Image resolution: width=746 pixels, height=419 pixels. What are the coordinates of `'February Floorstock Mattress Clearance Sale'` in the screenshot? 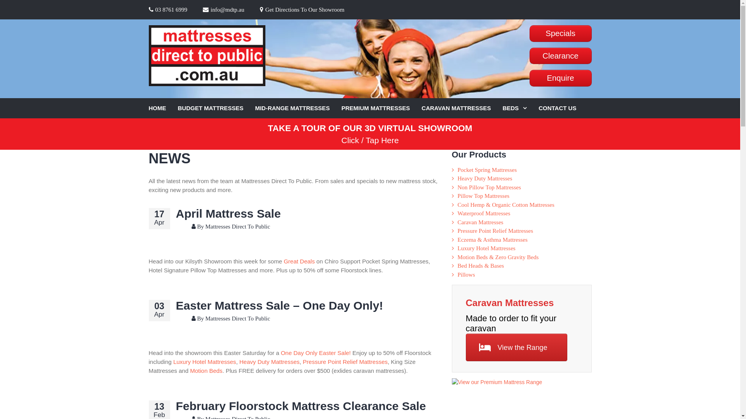 It's located at (175, 405).